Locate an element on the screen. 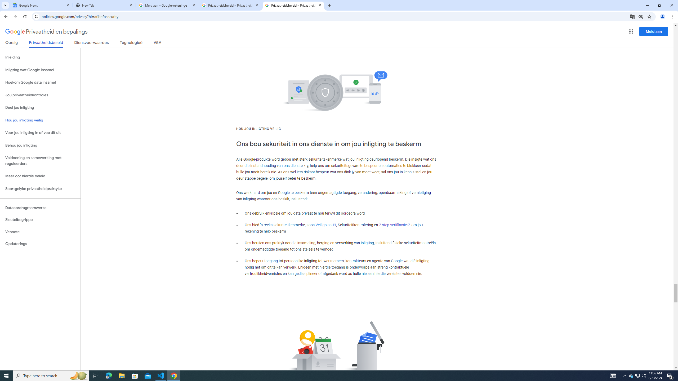 The image size is (678, 381). 'Dataoordragraamwerke' is located at coordinates (40, 208).